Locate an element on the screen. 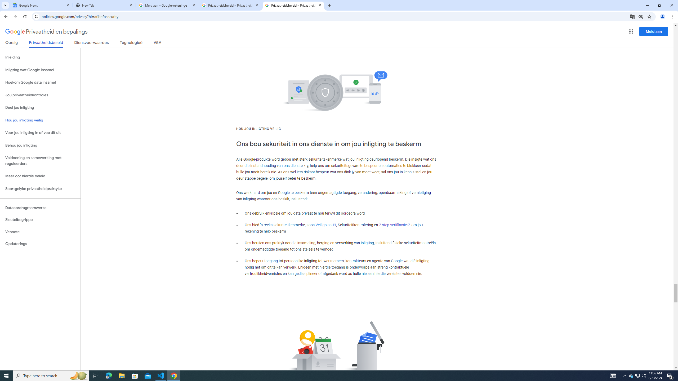 The image size is (678, 381). 'Dataoordragraamwerke' is located at coordinates (40, 208).